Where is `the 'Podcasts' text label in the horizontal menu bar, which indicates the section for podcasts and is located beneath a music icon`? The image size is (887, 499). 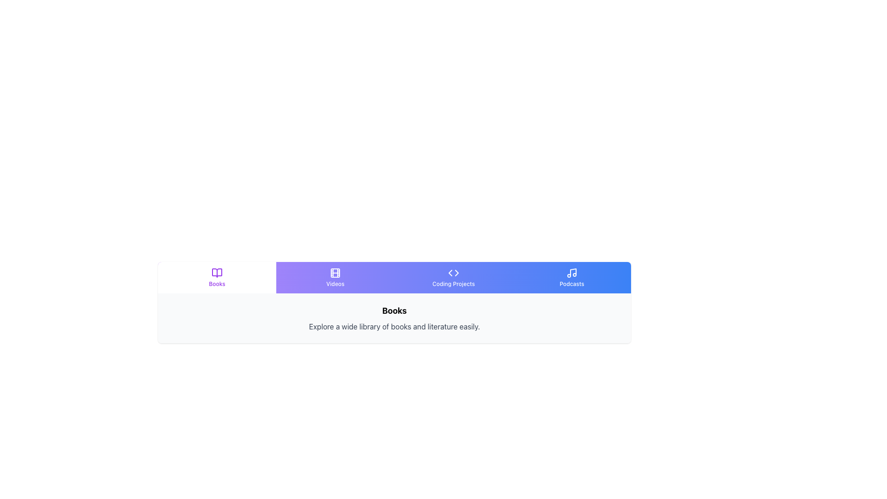 the 'Podcasts' text label in the horizontal menu bar, which indicates the section for podcasts and is located beneath a music icon is located at coordinates (571, 283).